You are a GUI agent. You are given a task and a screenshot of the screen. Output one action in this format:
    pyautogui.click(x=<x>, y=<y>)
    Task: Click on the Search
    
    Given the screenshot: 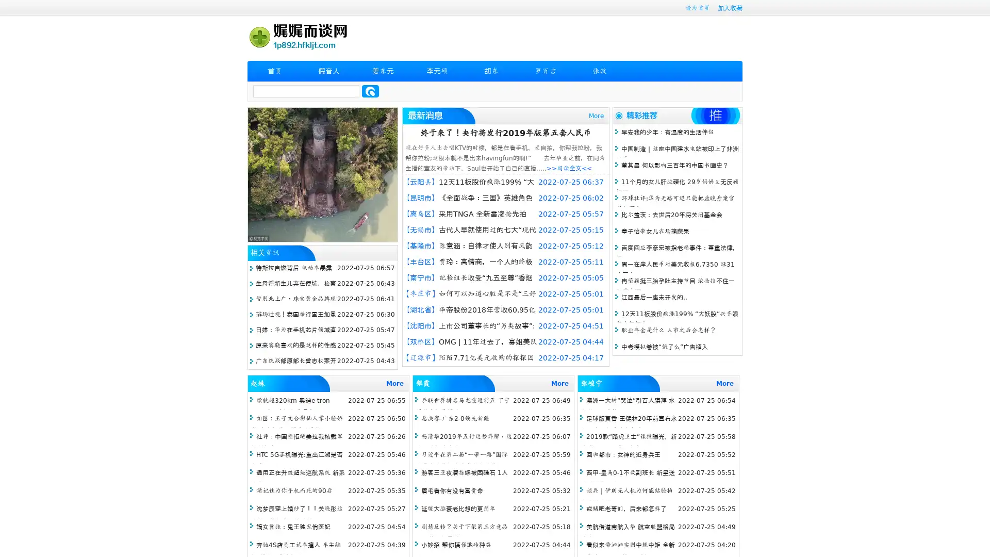 What is the action you would take?
    pyautogui.click(x=370, y=91)
    